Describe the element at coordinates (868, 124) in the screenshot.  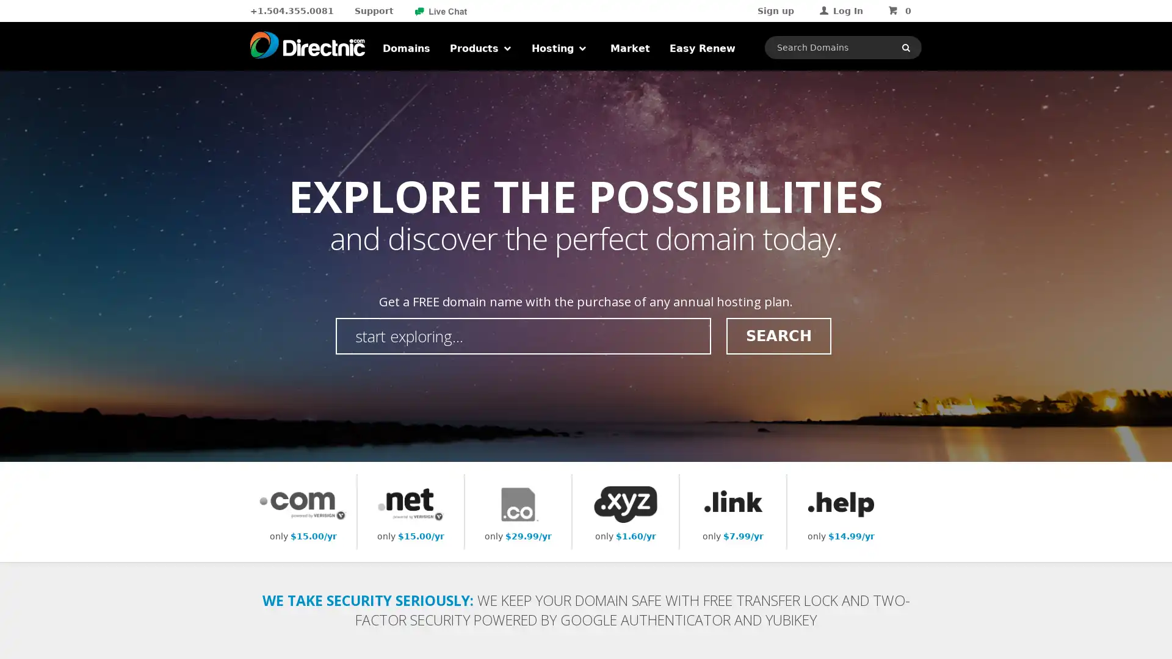
I see `LOGIN` at that location.